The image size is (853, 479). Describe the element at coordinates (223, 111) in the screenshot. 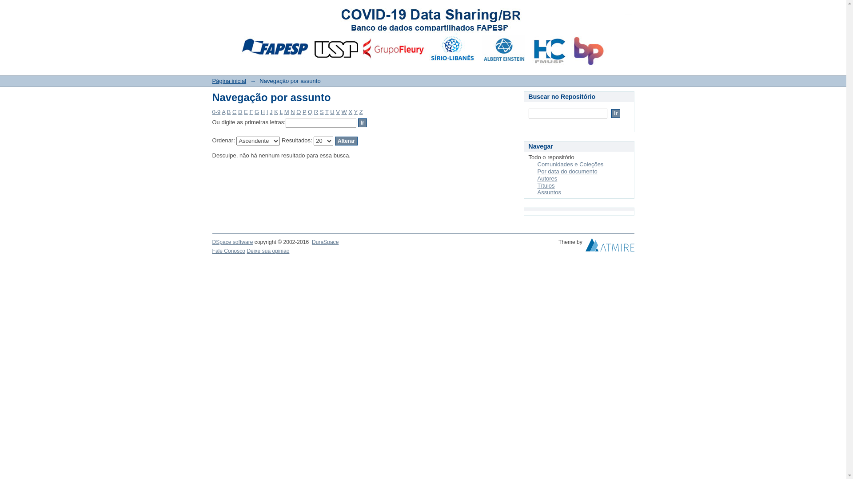

I see `'A'` at that location.